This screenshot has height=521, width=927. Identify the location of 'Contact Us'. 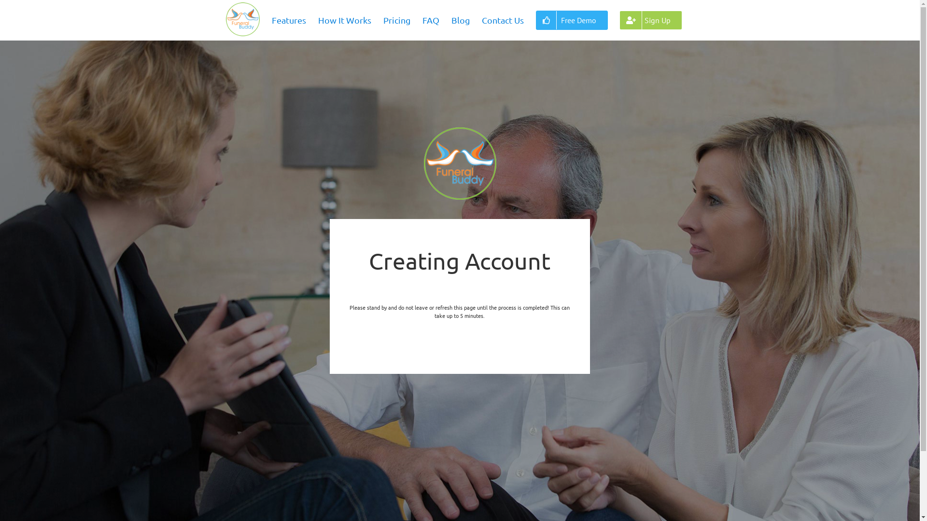
(502, 20).